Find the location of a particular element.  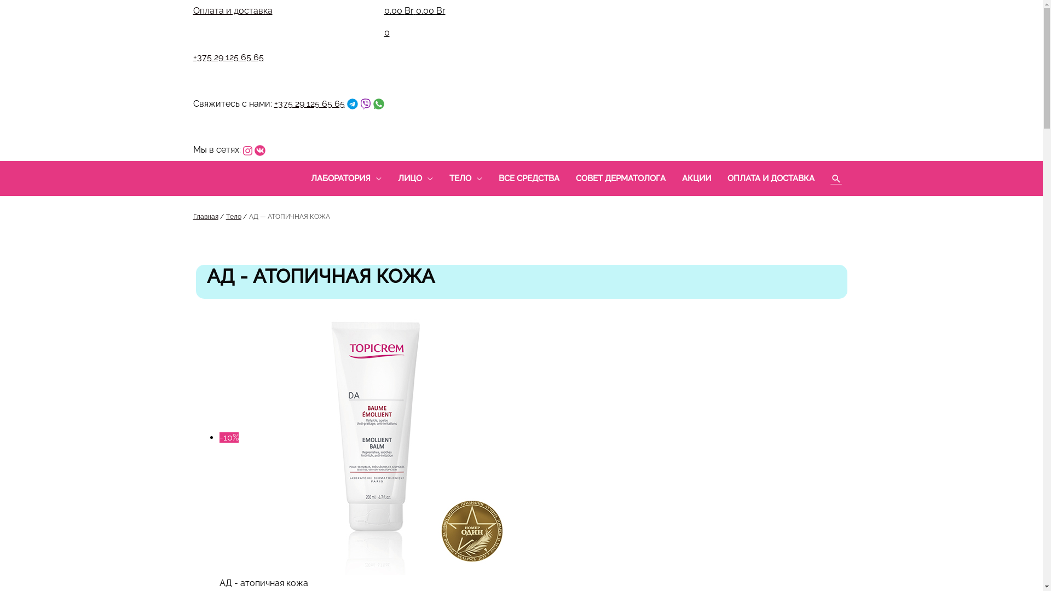

'+375 29 125 65 65' is located at coordinates (273, 103).